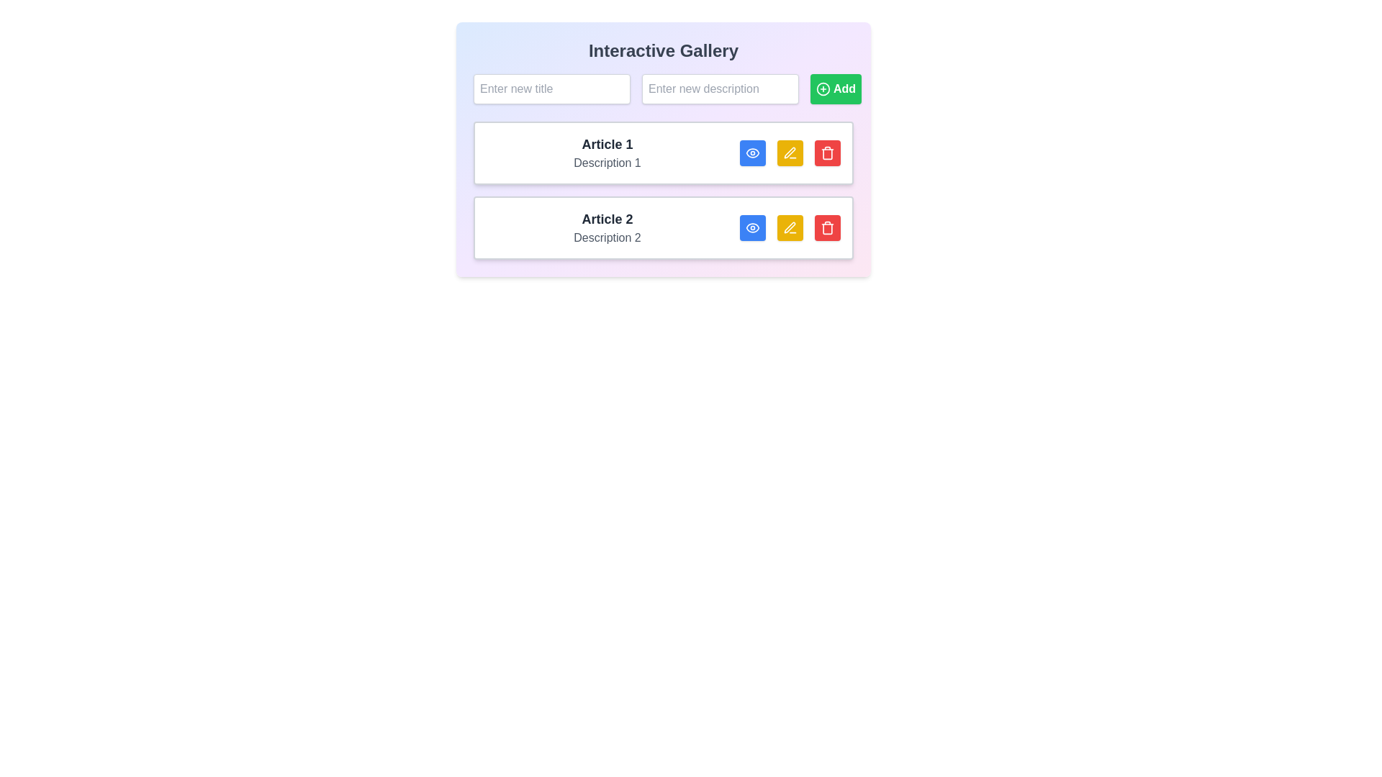 The image size is (1382, 777). What do you see at coordinates (828, 153) in the screenshot?
I see `the delete button for 'Article 1'` at bounding box center [828, 153].